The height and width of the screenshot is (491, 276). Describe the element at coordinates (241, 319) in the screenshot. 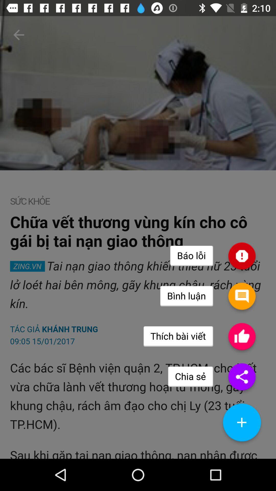

I see `the chat icon` at that location.